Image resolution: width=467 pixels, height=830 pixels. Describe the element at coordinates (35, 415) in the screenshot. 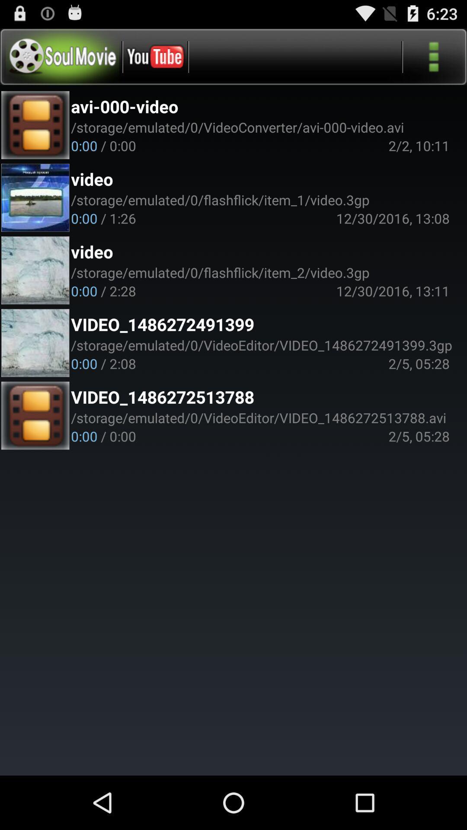

I see `the image from bottom left side of the web page` at that location.